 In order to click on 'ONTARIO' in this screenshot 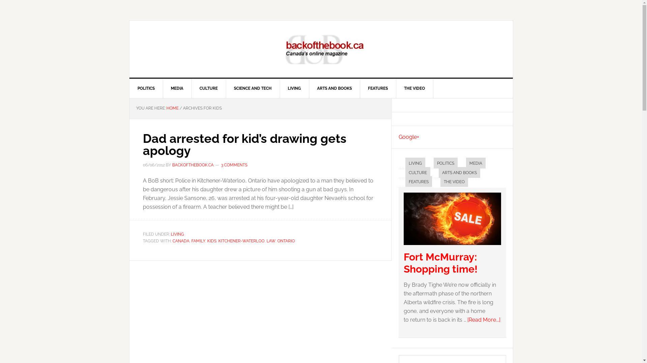, I will do `click(277, 241)`.